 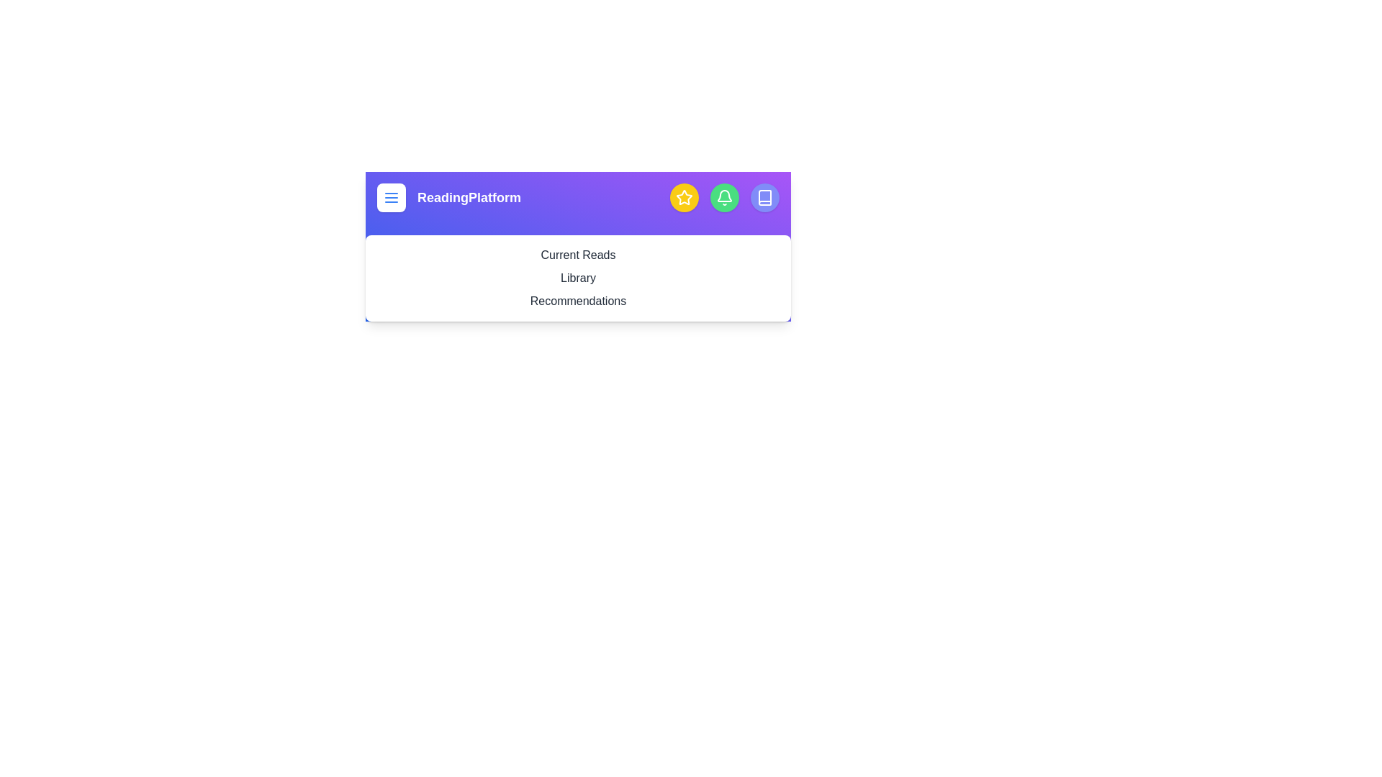 What do you see at coordinates (391, 197) in the screenshot?
I see `menu button to toggle the side menu visibility` at bounding box center [391, 197].